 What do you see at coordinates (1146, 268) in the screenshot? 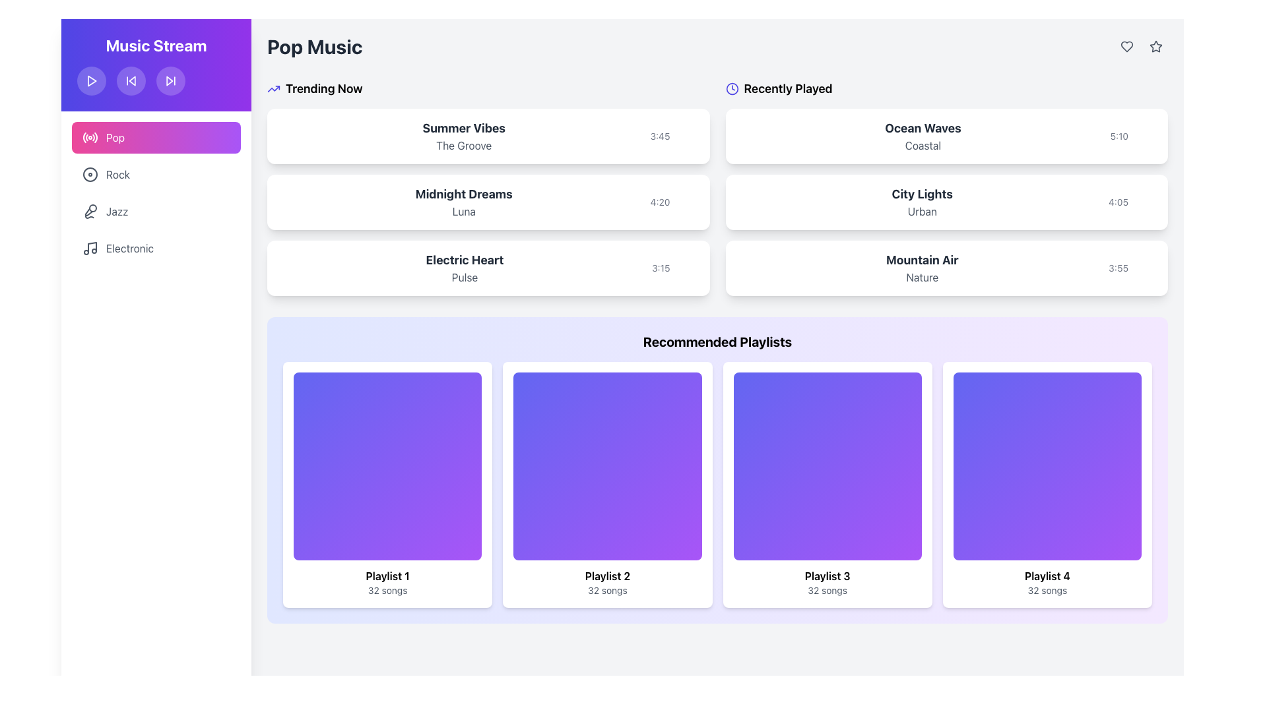
I see `the play button for the 'Mountain Air' song, located at the far right of the song entry next to the '3:55' time indicator` at bounding box center [1146, 268].